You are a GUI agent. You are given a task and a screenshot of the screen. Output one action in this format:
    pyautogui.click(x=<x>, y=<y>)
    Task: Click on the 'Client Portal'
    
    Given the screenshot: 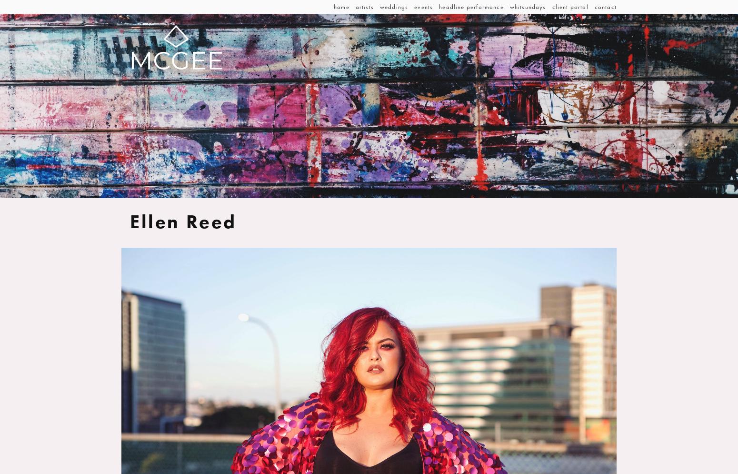 What is the action you would take?
    pyautogui.click(x=551, y=7)
    